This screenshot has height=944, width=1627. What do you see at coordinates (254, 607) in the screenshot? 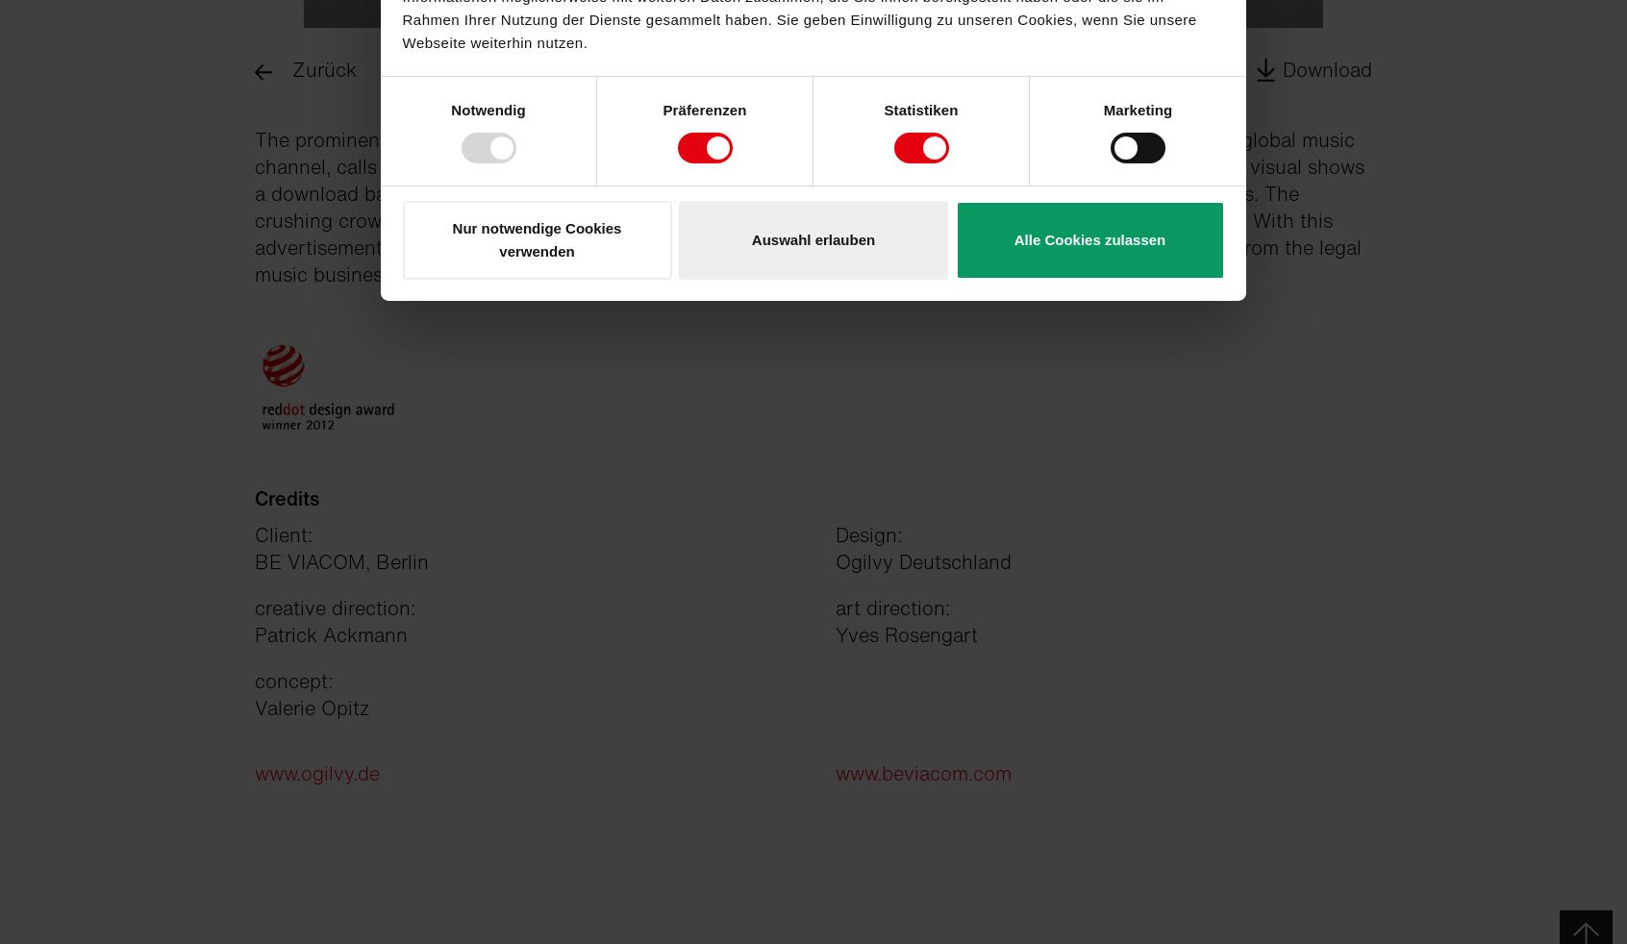
I see `'creative direction'` at bounding box center [254, 607].